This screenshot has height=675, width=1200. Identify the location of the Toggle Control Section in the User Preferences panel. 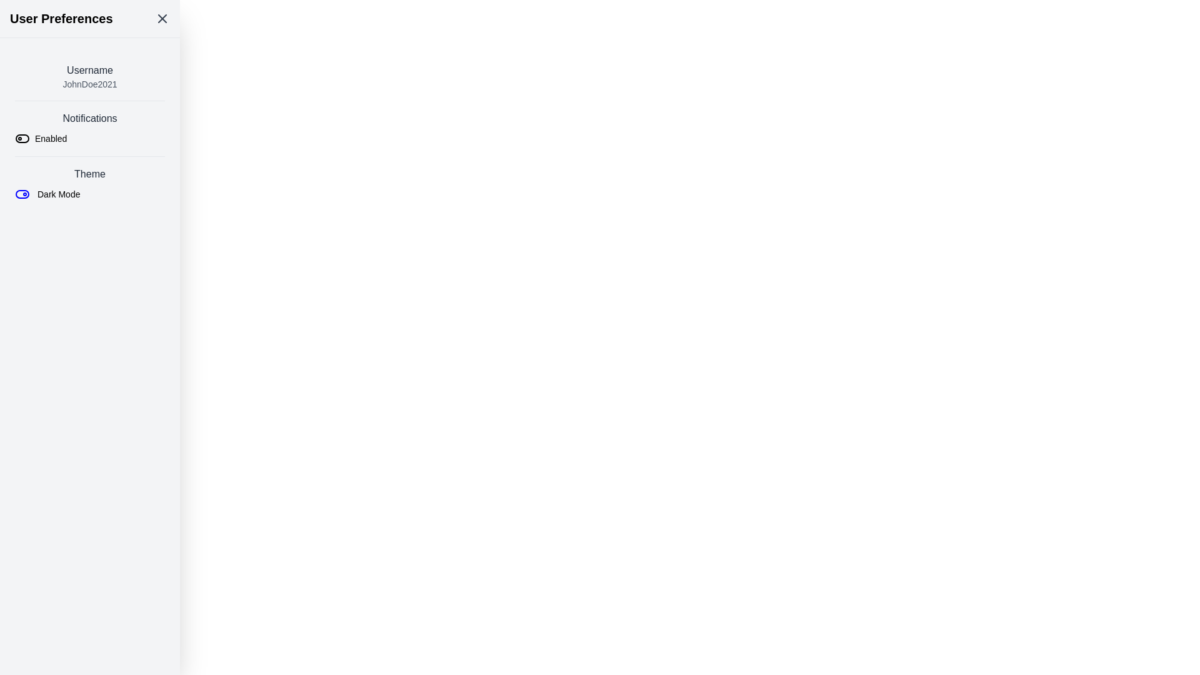
(89, 184).